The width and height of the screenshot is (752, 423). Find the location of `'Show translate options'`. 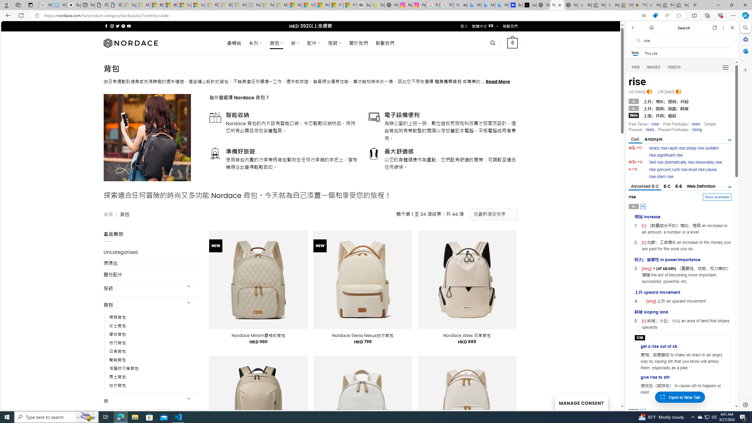

'Show translate options' is located at coordinates (643, 16).